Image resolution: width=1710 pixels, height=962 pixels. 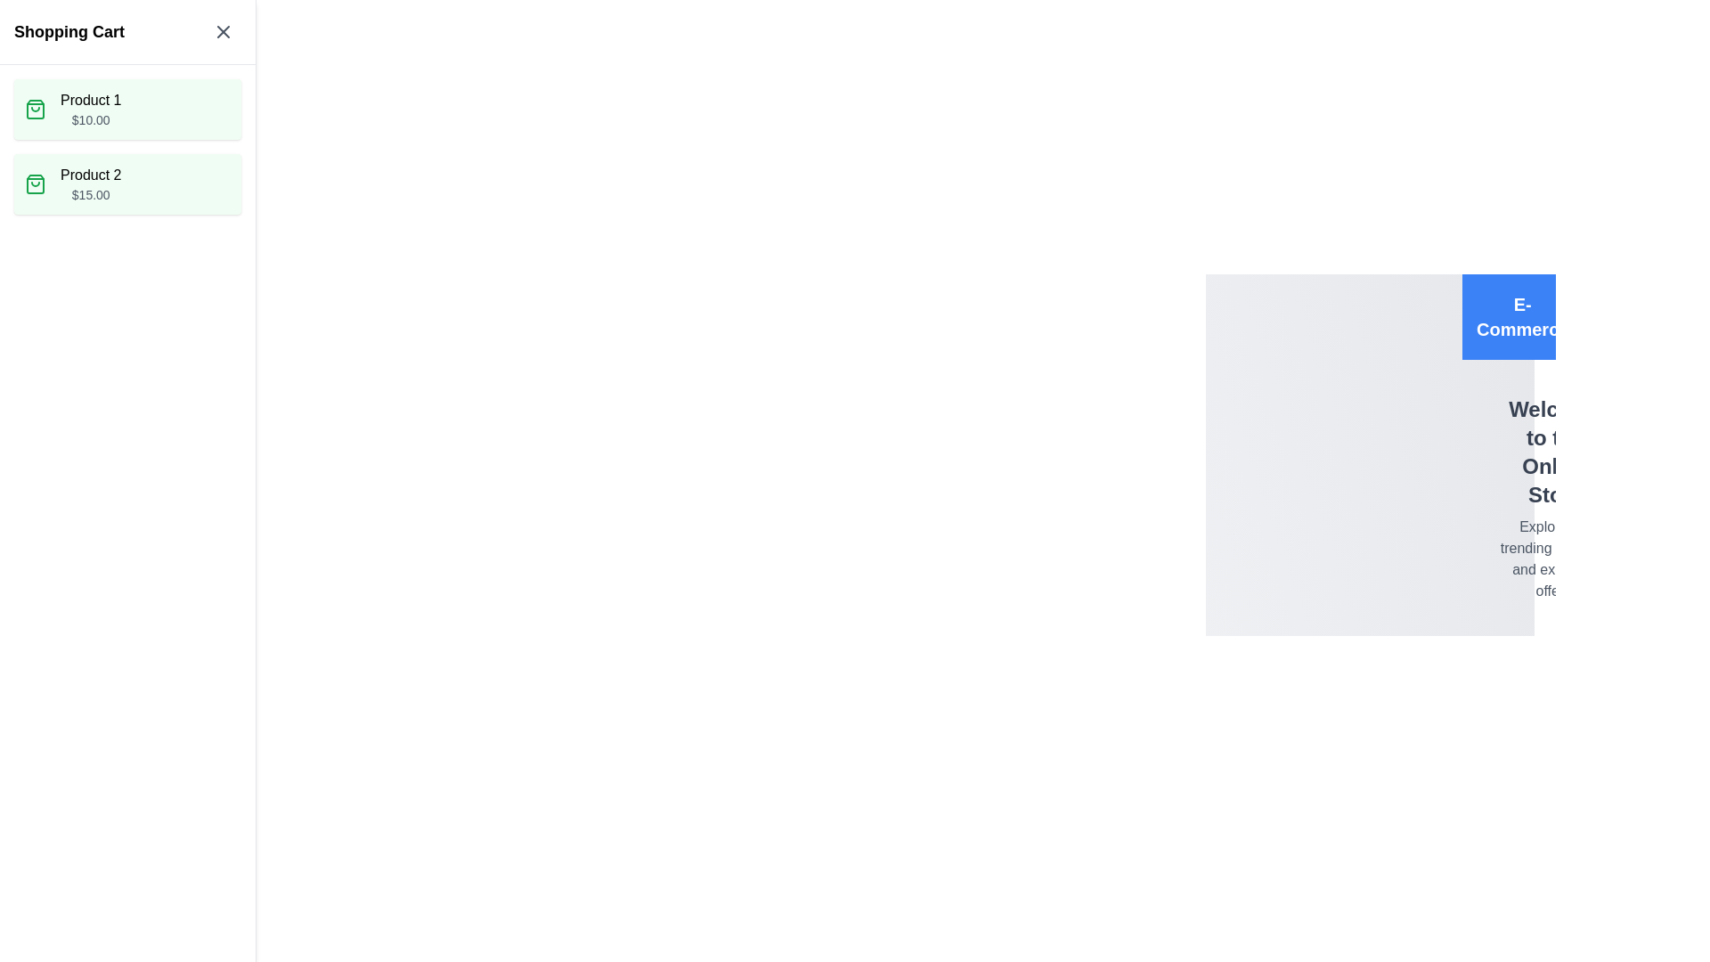 What do you see at coordinates (222, 31) in the screenshot?
I see `the close button icon represented by a small cross-shaped icon in the top-right corner of the 'Shopping Cart' panel to potentially reveal tooltips` at bounding box center [222, 31].